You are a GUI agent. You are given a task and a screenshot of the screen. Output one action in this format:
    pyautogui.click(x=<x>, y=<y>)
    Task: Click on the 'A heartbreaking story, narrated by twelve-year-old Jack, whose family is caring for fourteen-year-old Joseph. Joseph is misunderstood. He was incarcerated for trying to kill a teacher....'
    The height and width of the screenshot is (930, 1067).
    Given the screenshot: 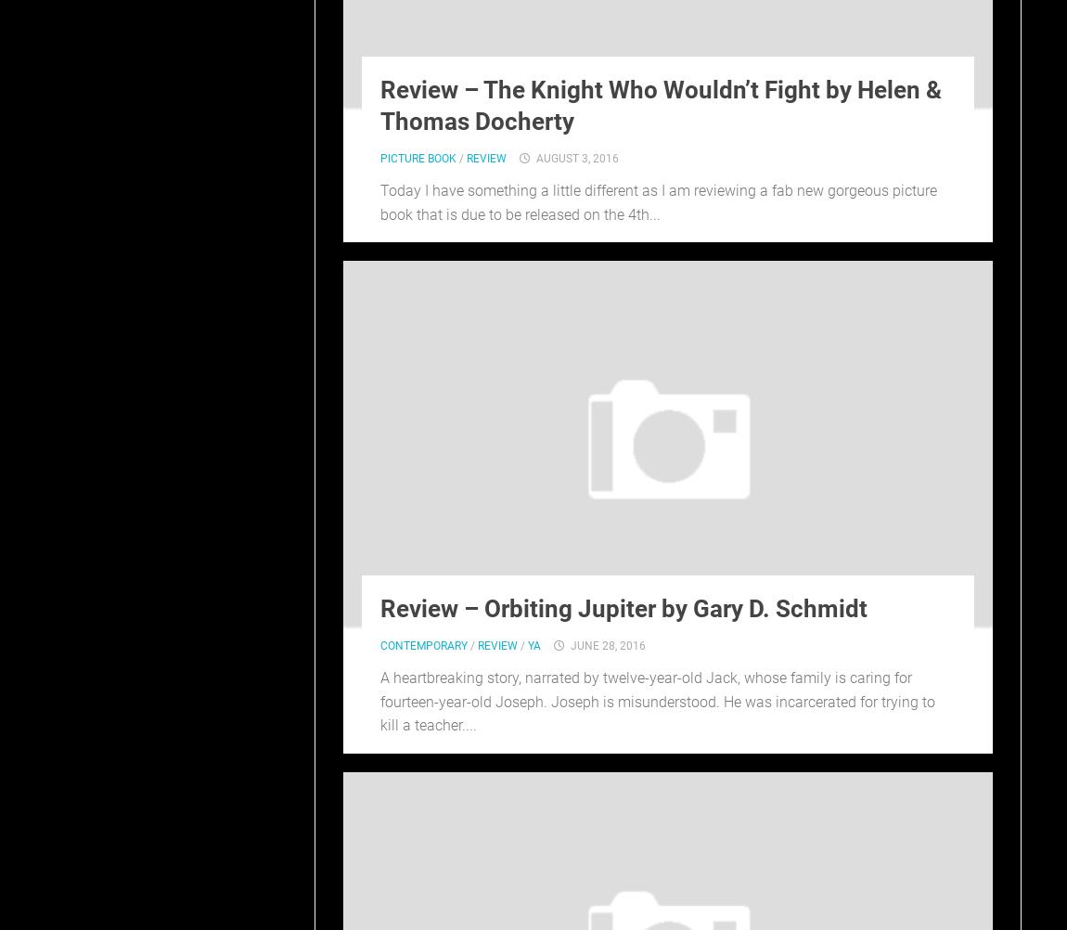 What is the action you would take?
    pyautogui.click(x=656, y=701)
    